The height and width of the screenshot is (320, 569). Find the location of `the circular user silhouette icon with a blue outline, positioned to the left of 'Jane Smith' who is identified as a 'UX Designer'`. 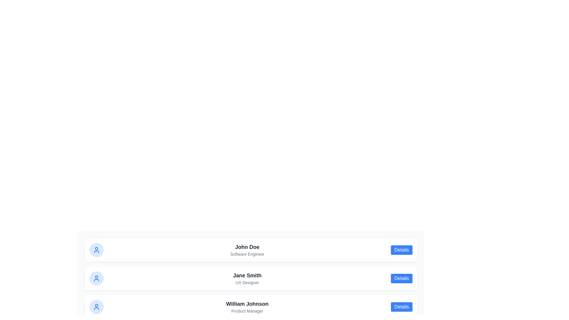

the circular user silhouette icon with a blue outline, positioned to the left of 'Jane Smith' who is identified as a 'UX Designer' is located at coordinates (97, 279).